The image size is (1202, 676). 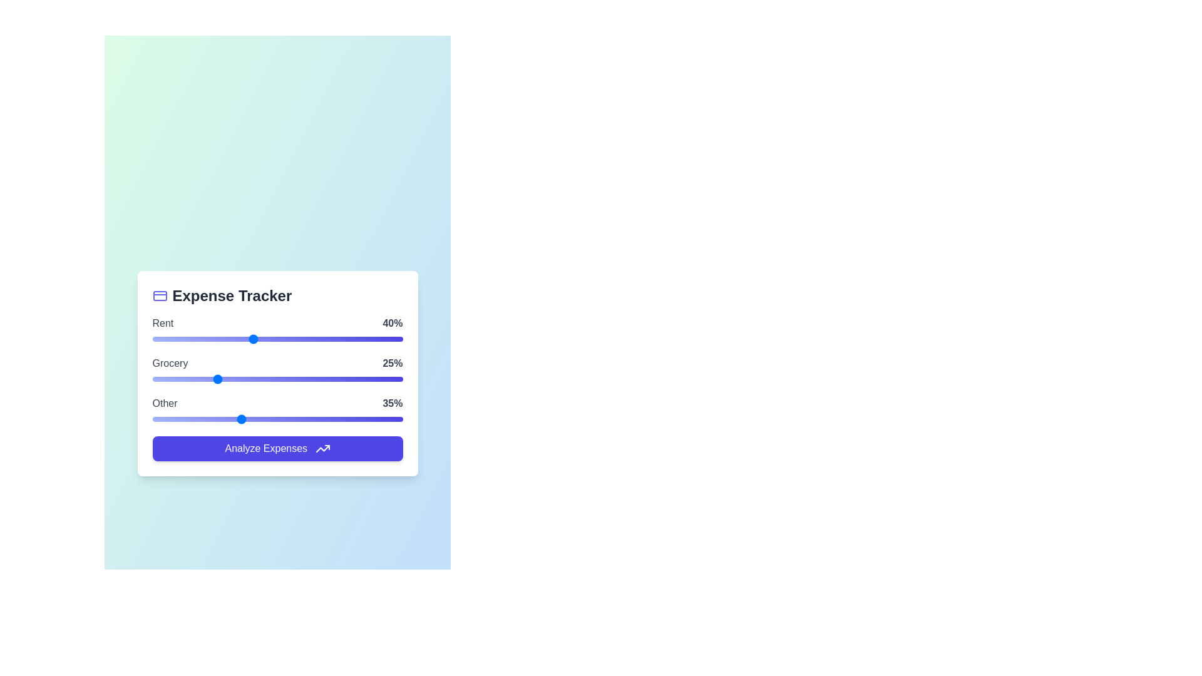 I want to click on the 'Grocery' slider to 85%, so click(x=364, y=378).